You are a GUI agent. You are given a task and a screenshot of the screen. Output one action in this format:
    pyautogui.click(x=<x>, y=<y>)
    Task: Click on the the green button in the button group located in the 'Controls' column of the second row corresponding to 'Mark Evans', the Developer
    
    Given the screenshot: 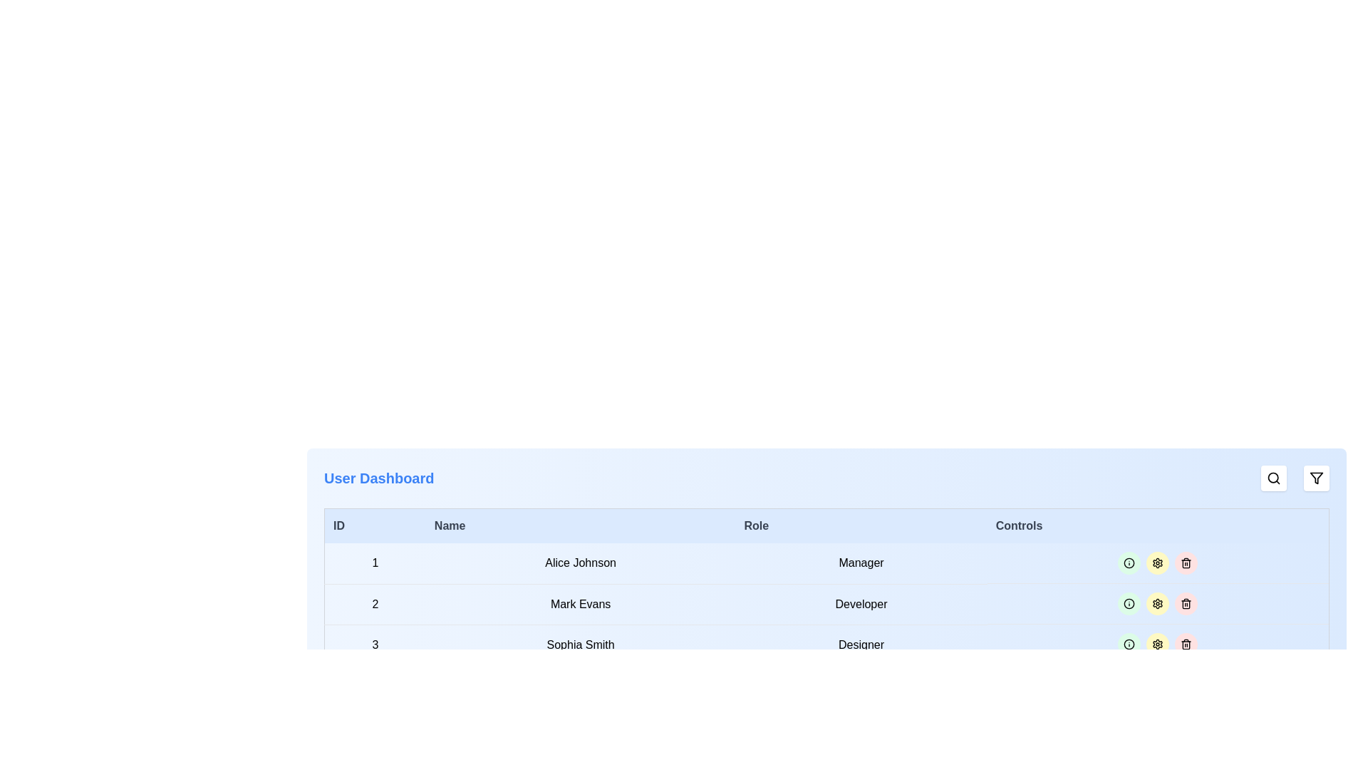 What is the action you would take?
    pyautogui.click(x=1158, y=604)
    